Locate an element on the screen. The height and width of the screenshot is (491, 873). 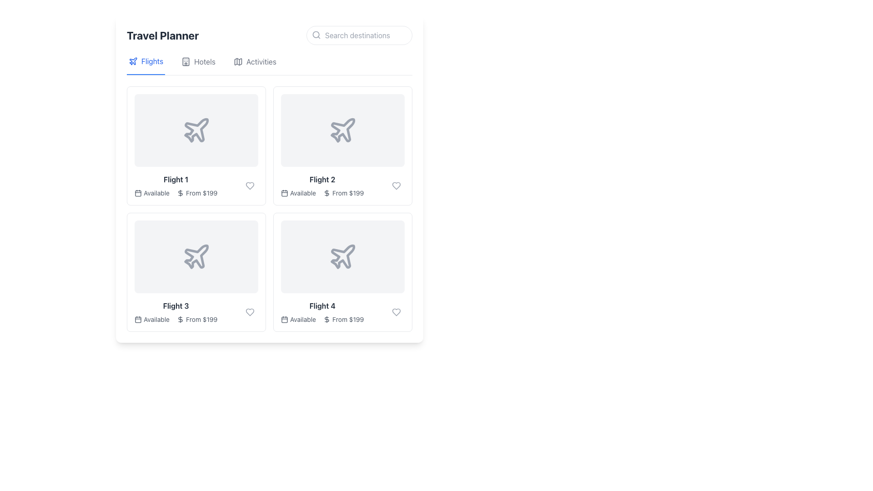
the heart-shaped icon button in the bottom-right corner of the fourth flight card is located at coordinates (396, 311).